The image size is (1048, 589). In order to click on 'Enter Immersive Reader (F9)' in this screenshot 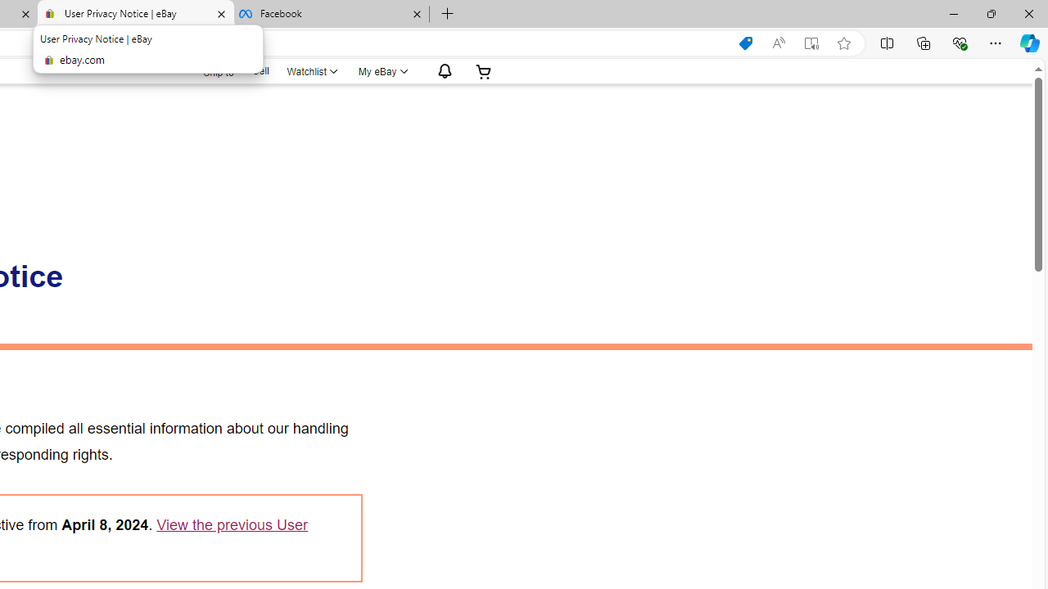, I will do `click(811, 43)`.